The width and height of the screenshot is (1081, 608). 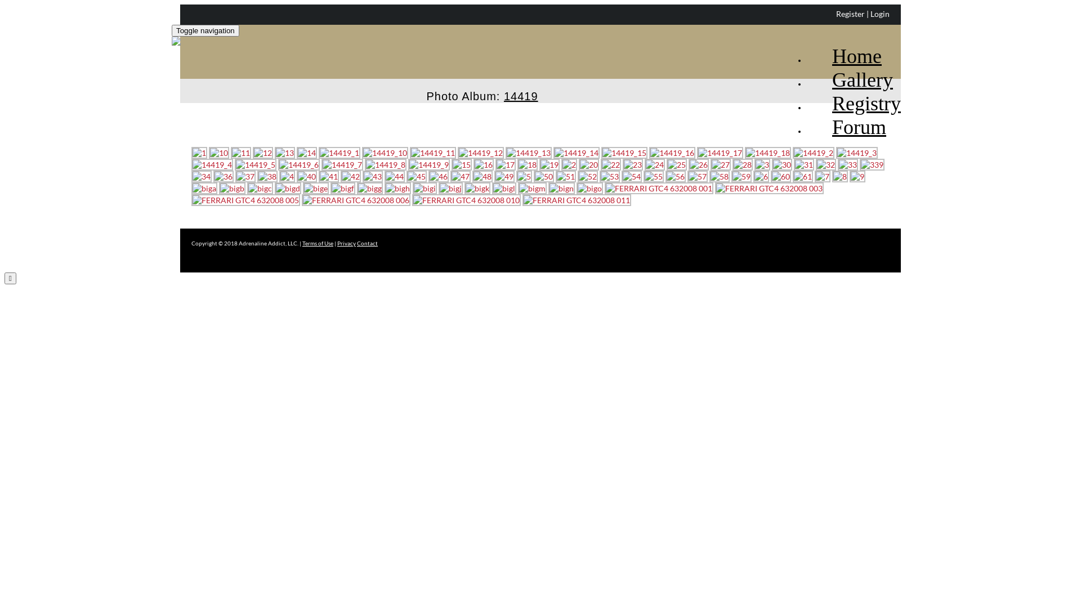 What do you see at coordinates (806, 70) in the screenshot?
I see `'Gallery'` at bounding box center [806, 70].